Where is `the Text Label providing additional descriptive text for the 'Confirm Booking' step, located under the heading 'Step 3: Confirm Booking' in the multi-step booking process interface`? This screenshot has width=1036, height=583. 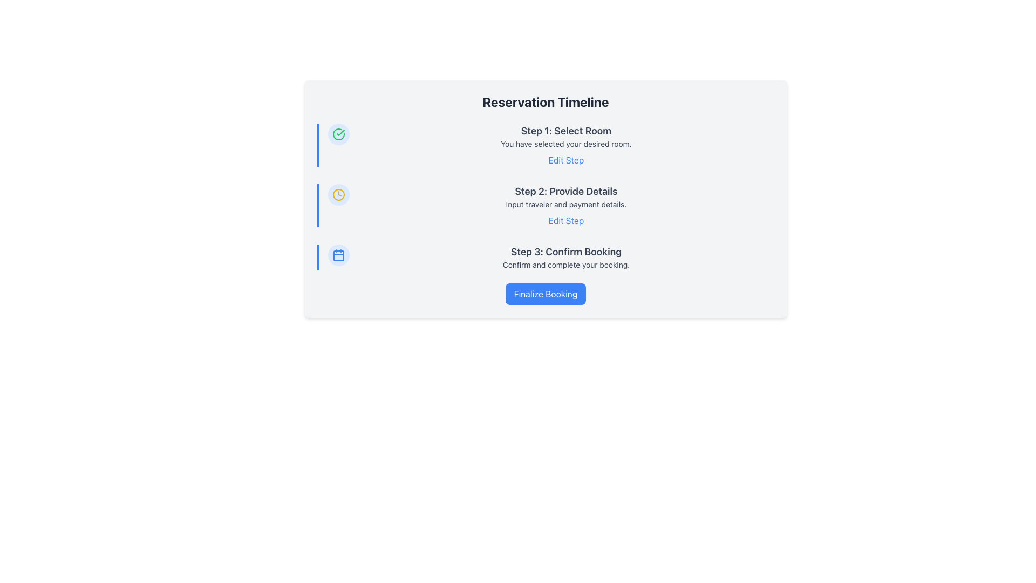 the Text Label providing additional descriptive text for the 'Confirm Booking' step, located under the heading 'Step 3: Confirm Booking' in the multi-step booking process interface is located at coordinates (565, 265).